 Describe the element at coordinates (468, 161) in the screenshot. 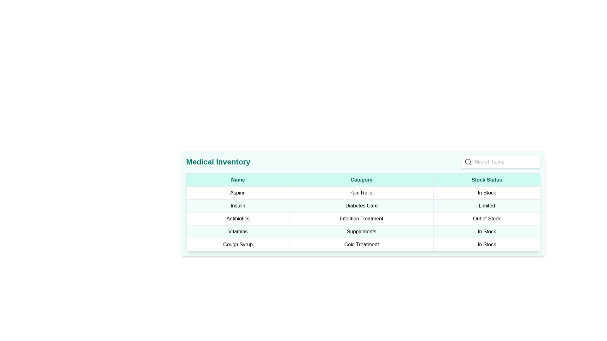

I see `the small circular shape within the magnifying glass icon located next to the search input box at the top right corner of the interface` at that location.